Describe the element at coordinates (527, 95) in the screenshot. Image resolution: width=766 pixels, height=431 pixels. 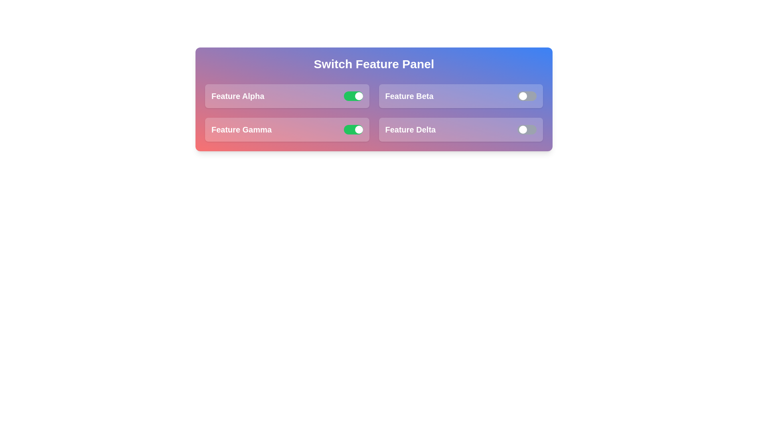
I see `the switch for Feature Beta` at that location.